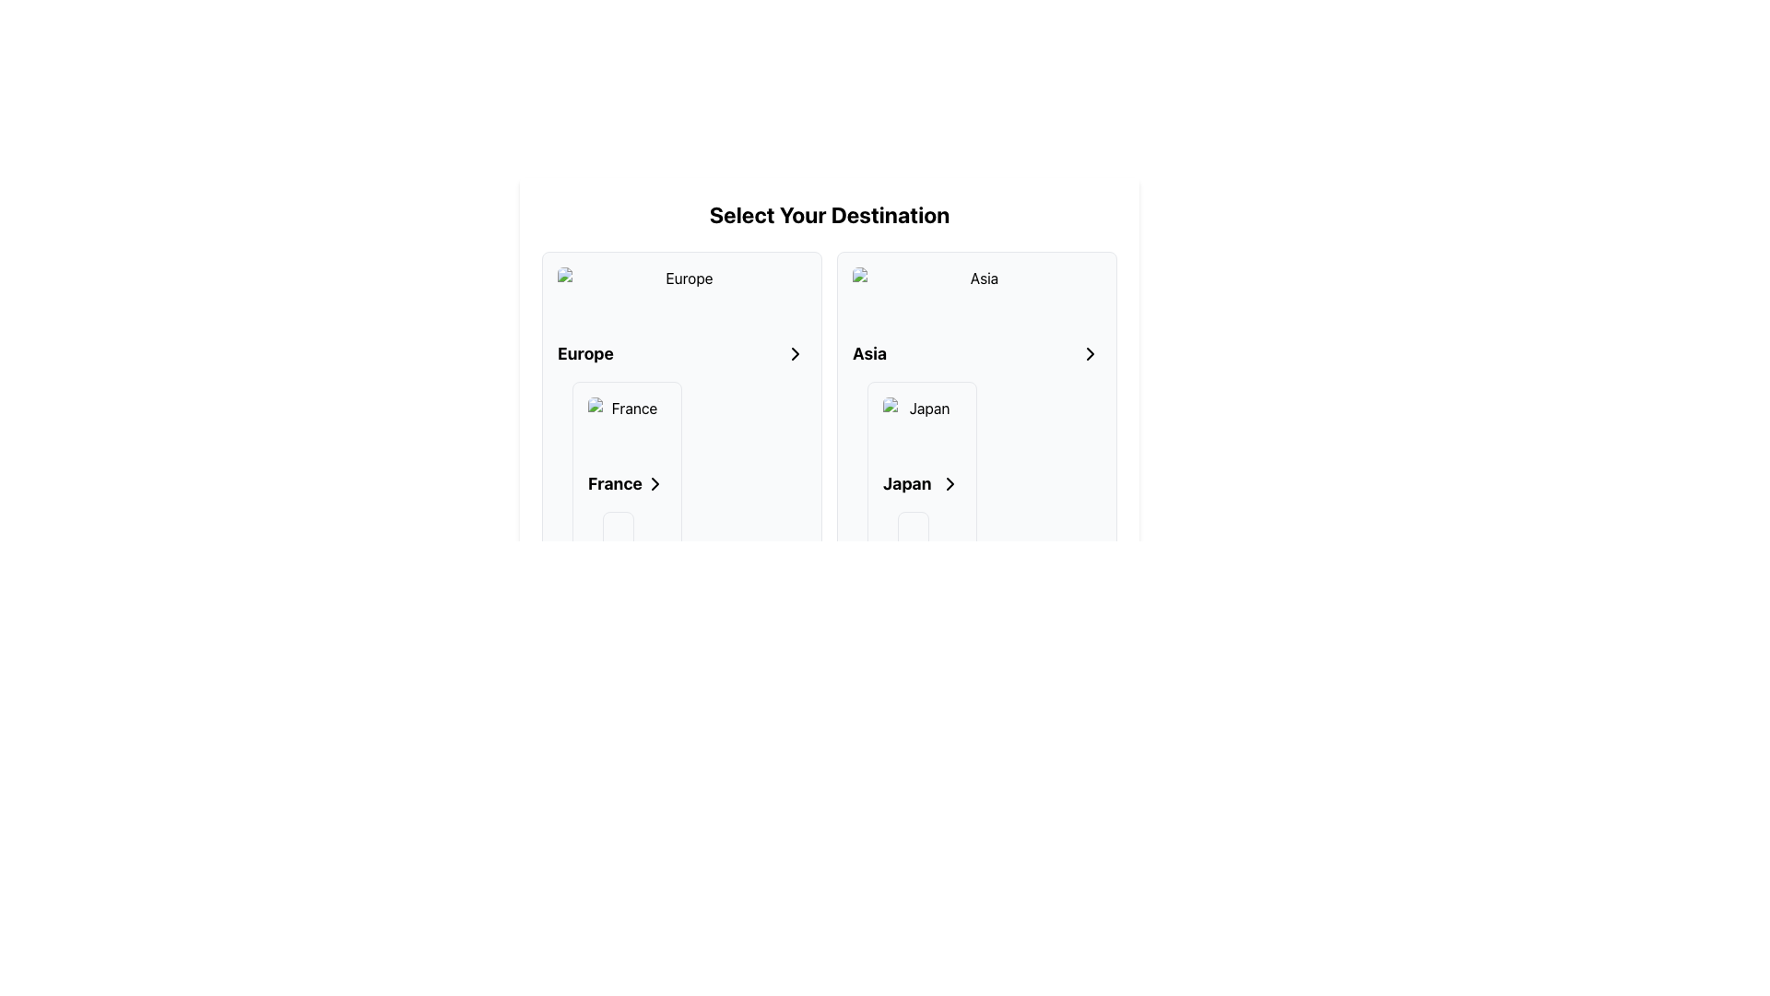 This screenshot has height=996, width=1770. Describe the element at coordinates (1090, 354) in the screenshot. I see `the rightward-facing chevron icon located in the 'Asia' section of the interface, positioned to the right of the section's title to signify navigational functionality` at that location.